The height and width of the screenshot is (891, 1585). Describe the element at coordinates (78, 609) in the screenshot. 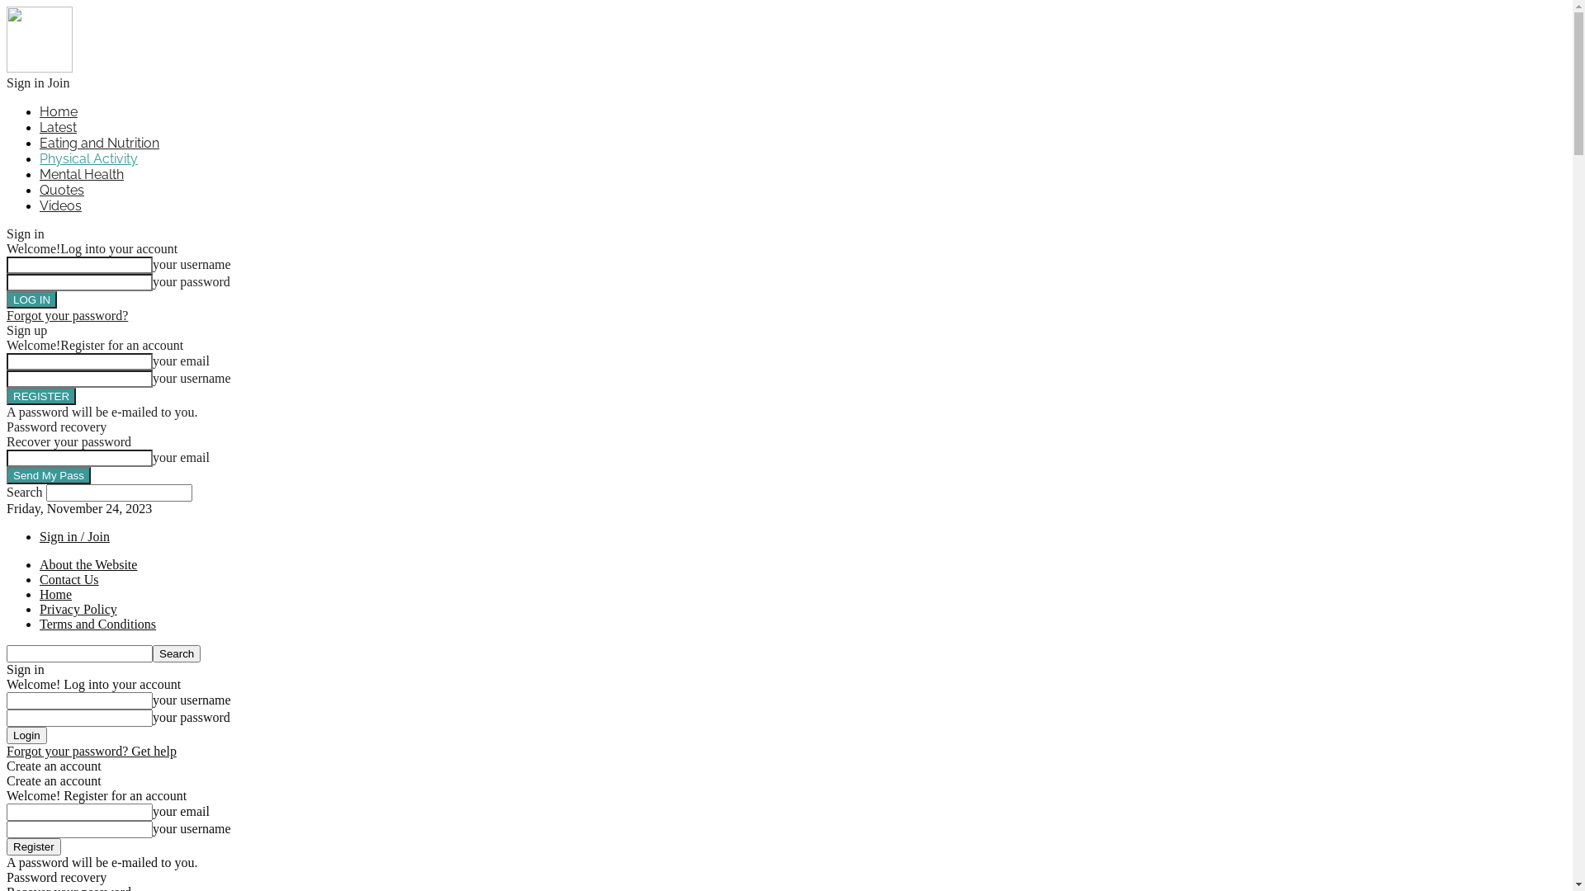

I see `'Privacy Policy'` at that location.